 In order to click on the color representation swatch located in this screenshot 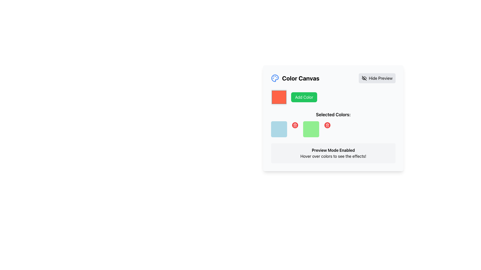, I will do `click(285, 129)`.